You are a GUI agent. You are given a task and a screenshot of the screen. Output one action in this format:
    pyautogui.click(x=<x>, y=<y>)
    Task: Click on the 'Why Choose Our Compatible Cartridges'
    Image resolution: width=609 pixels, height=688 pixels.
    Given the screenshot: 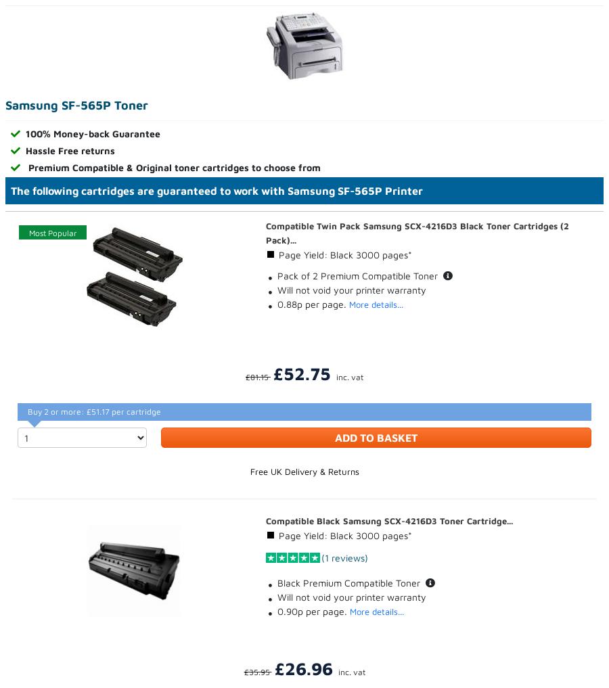 What is the action you would take?
    pyautogui.click(x=91, y=257)
    